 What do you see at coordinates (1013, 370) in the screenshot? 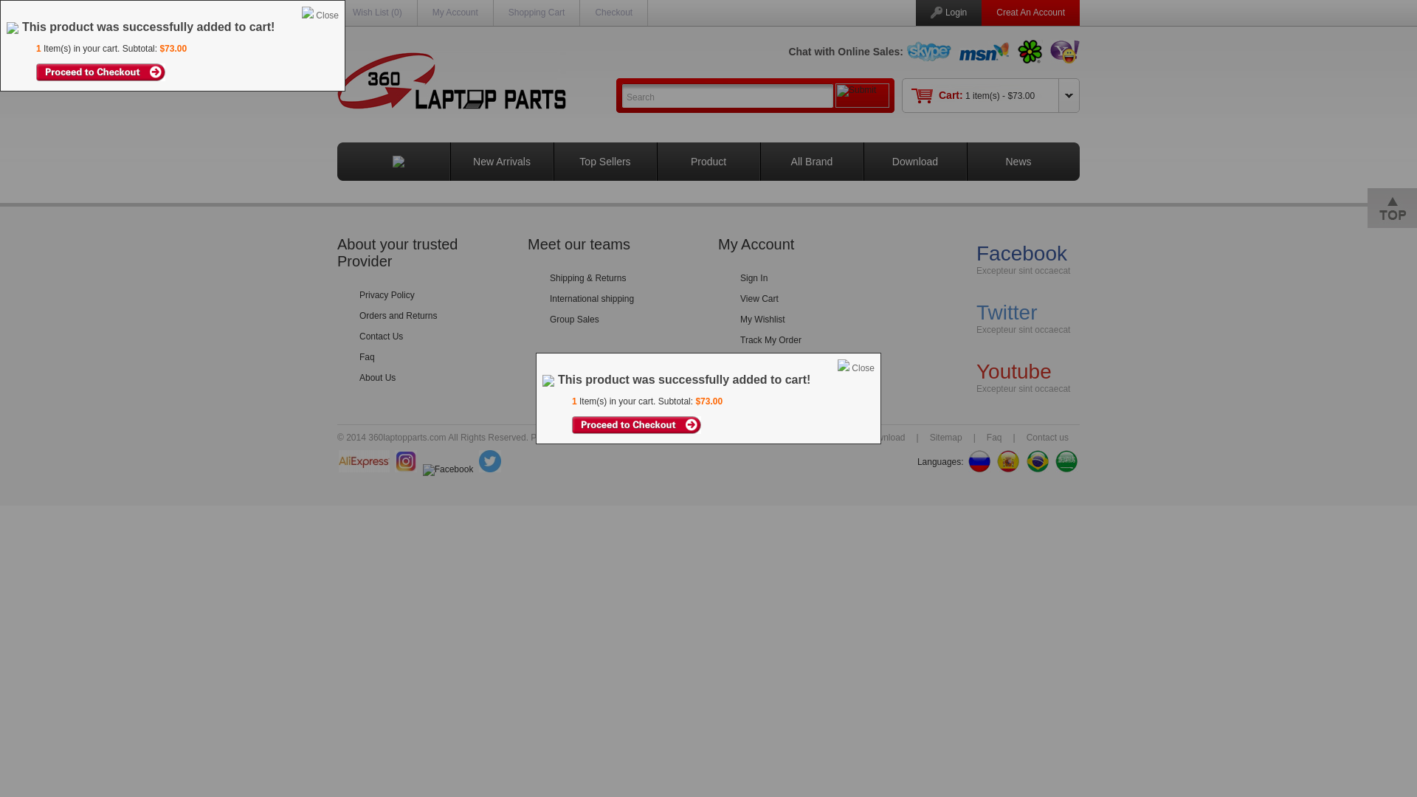
I see `'Youtube'` at bounding box center [1013, 370].